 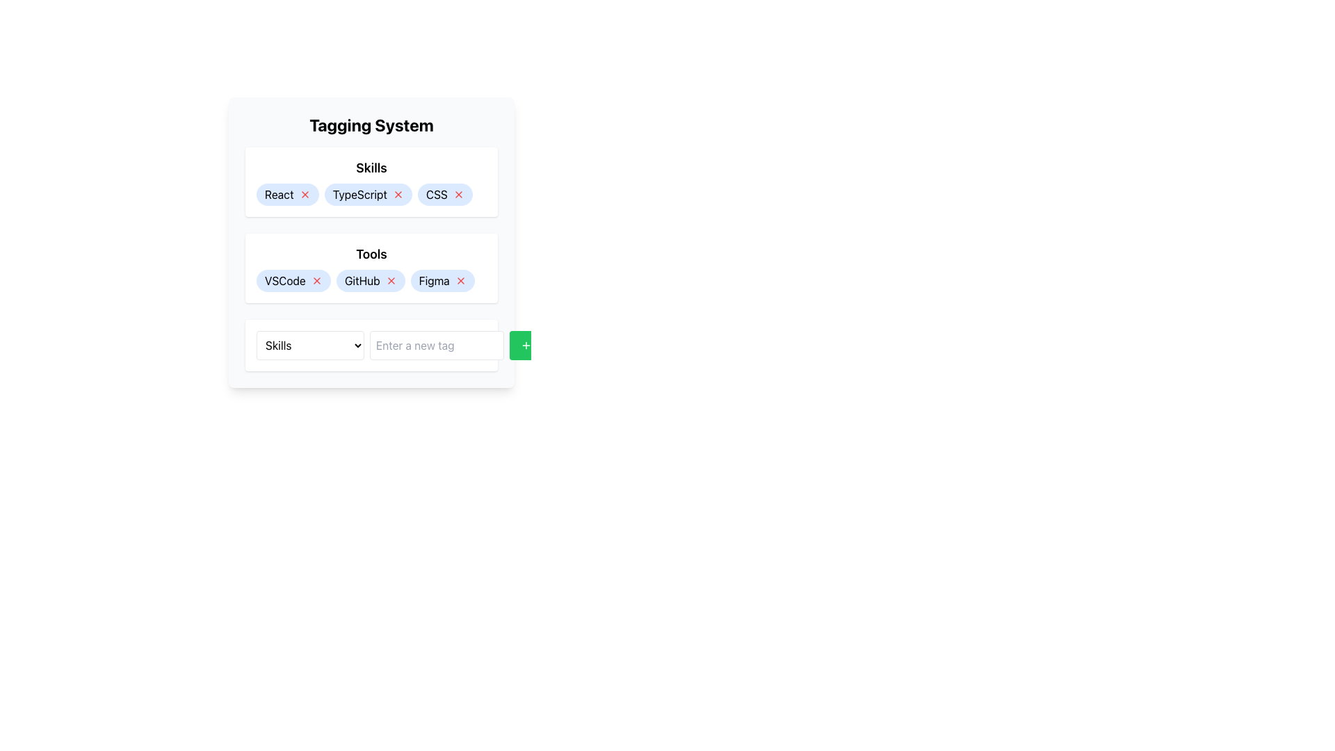 What do you see at coordinates (436, 345) in the screenshot?
I see `the text input field for adding a new tag, which is located to the right of the 'Skills' dropdown and to the left of the green circular button with a plus icon` at bounding box center [436, 345].